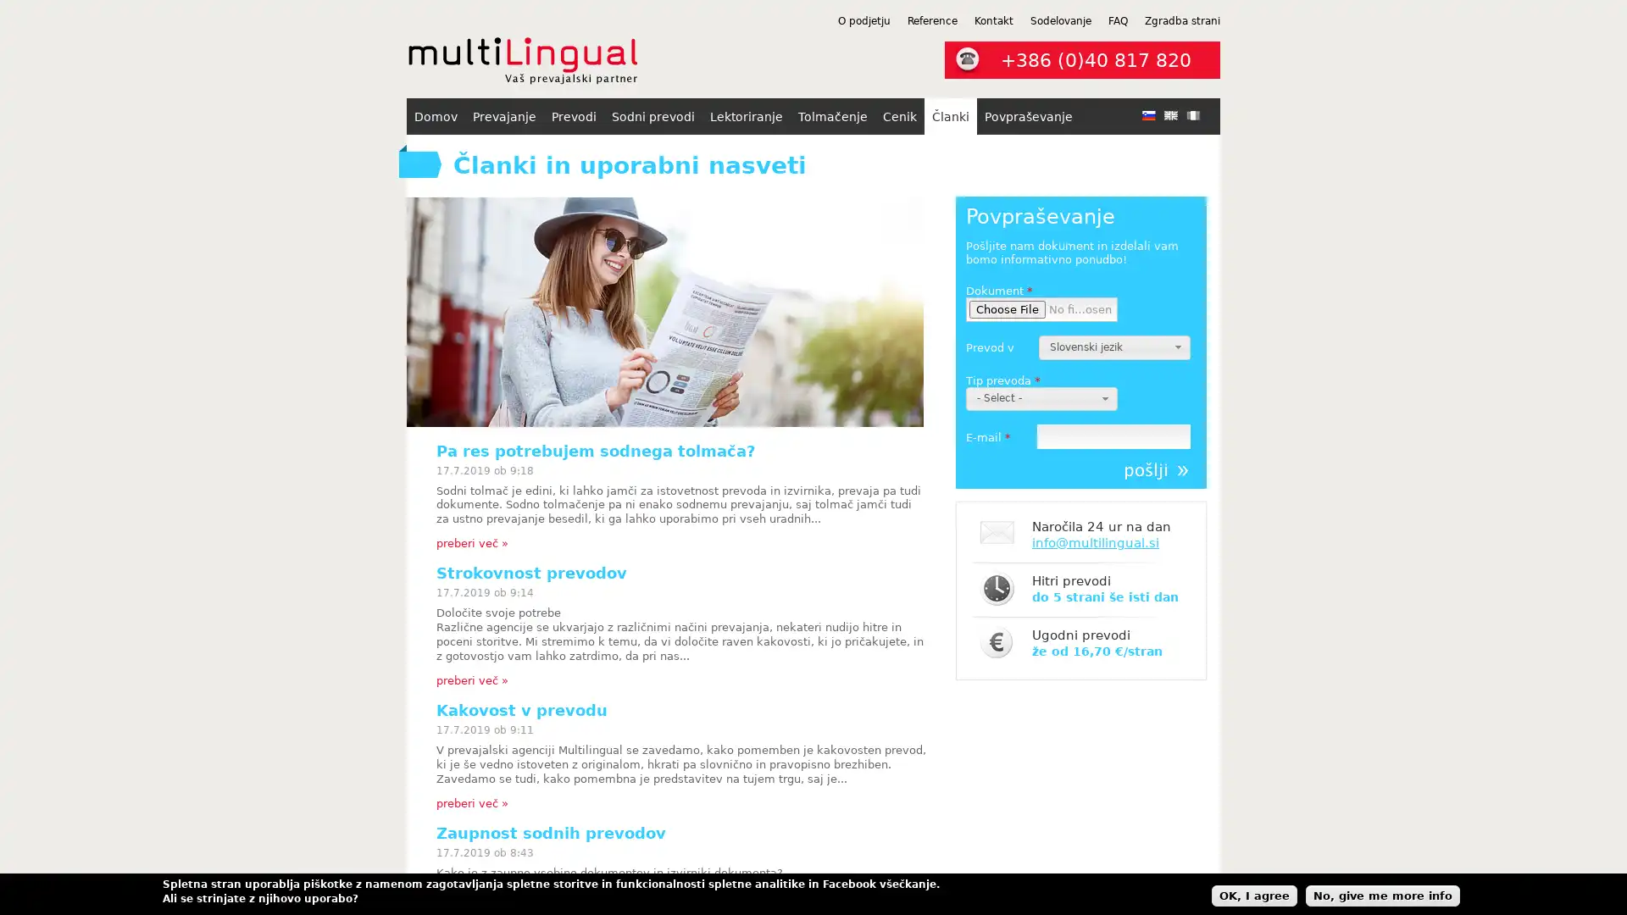 This screenshot has width=1627, height=915. Describe the element at coordinates (1008, 309) in the screenshot. I see `Choose File` at that location.